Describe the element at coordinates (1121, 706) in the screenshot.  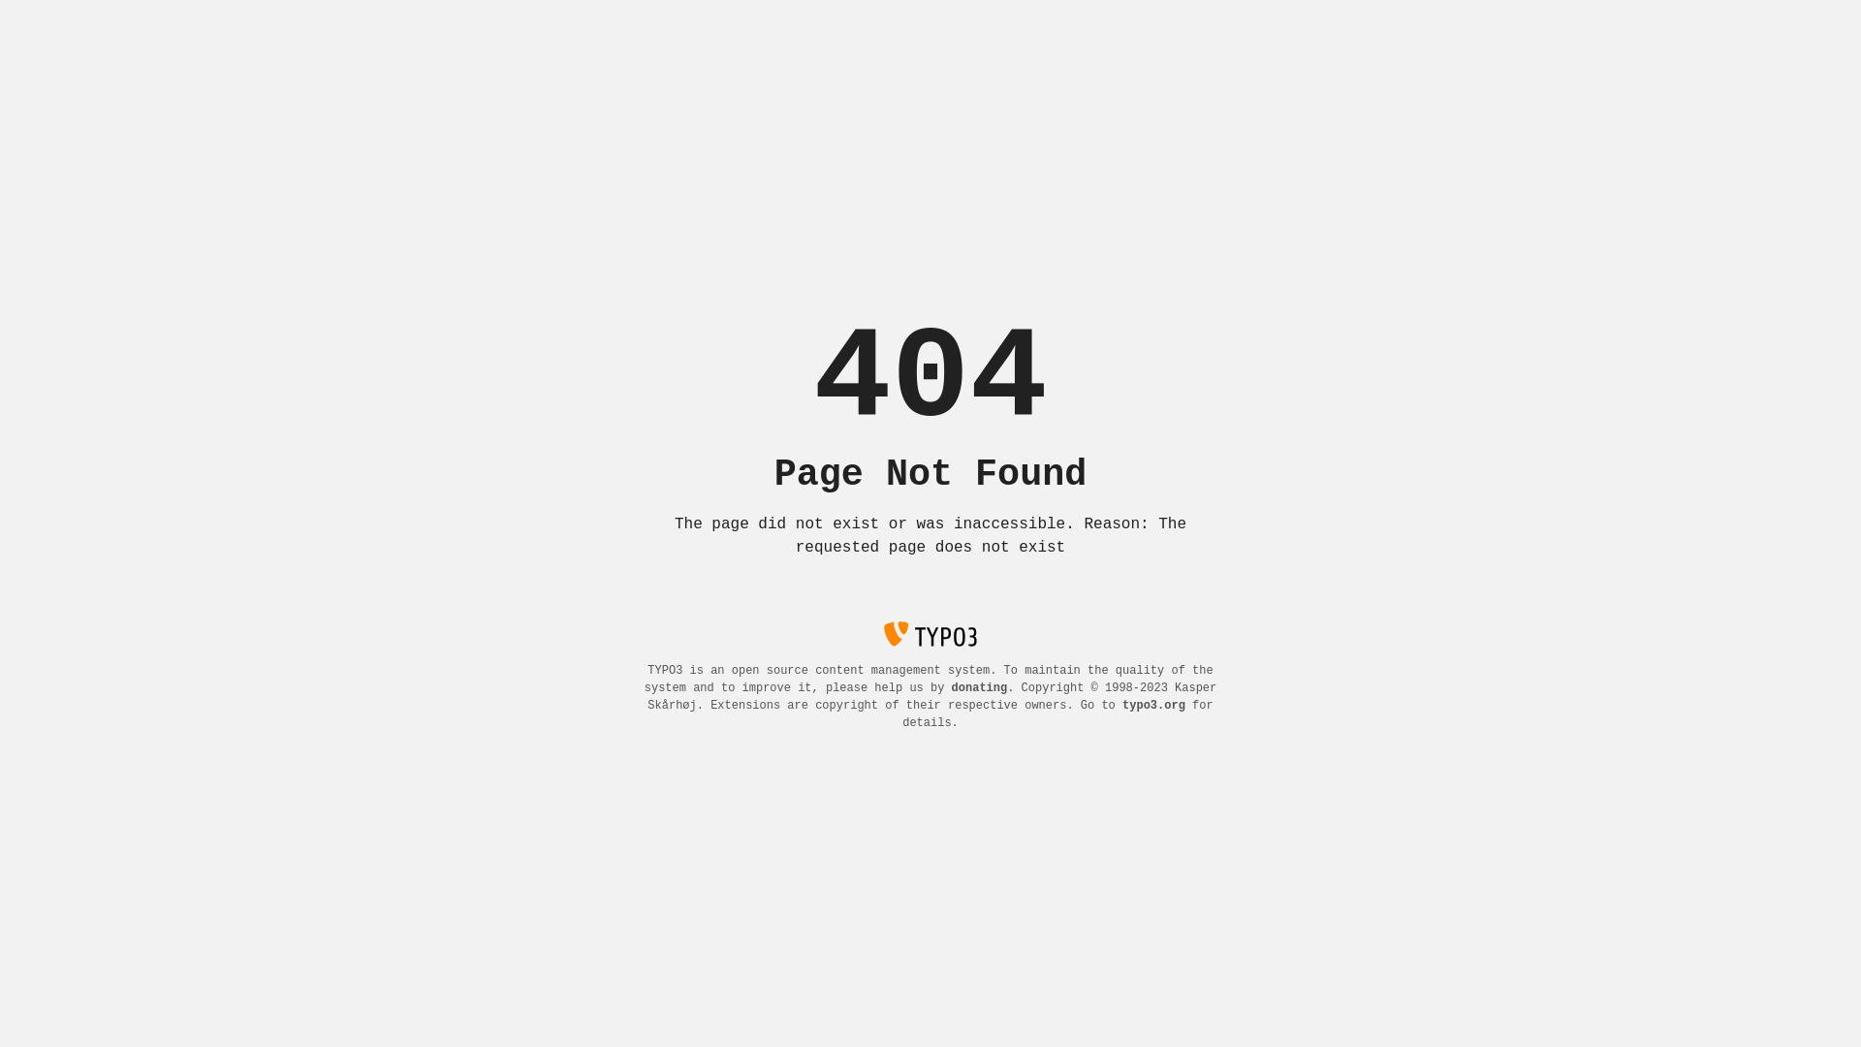
I see `'typo3.org'` at that location.